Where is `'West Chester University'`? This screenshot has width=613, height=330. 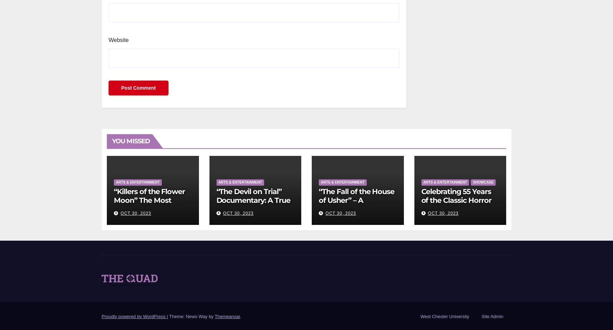
'West Chester University' is located at coordinates (444, 316).